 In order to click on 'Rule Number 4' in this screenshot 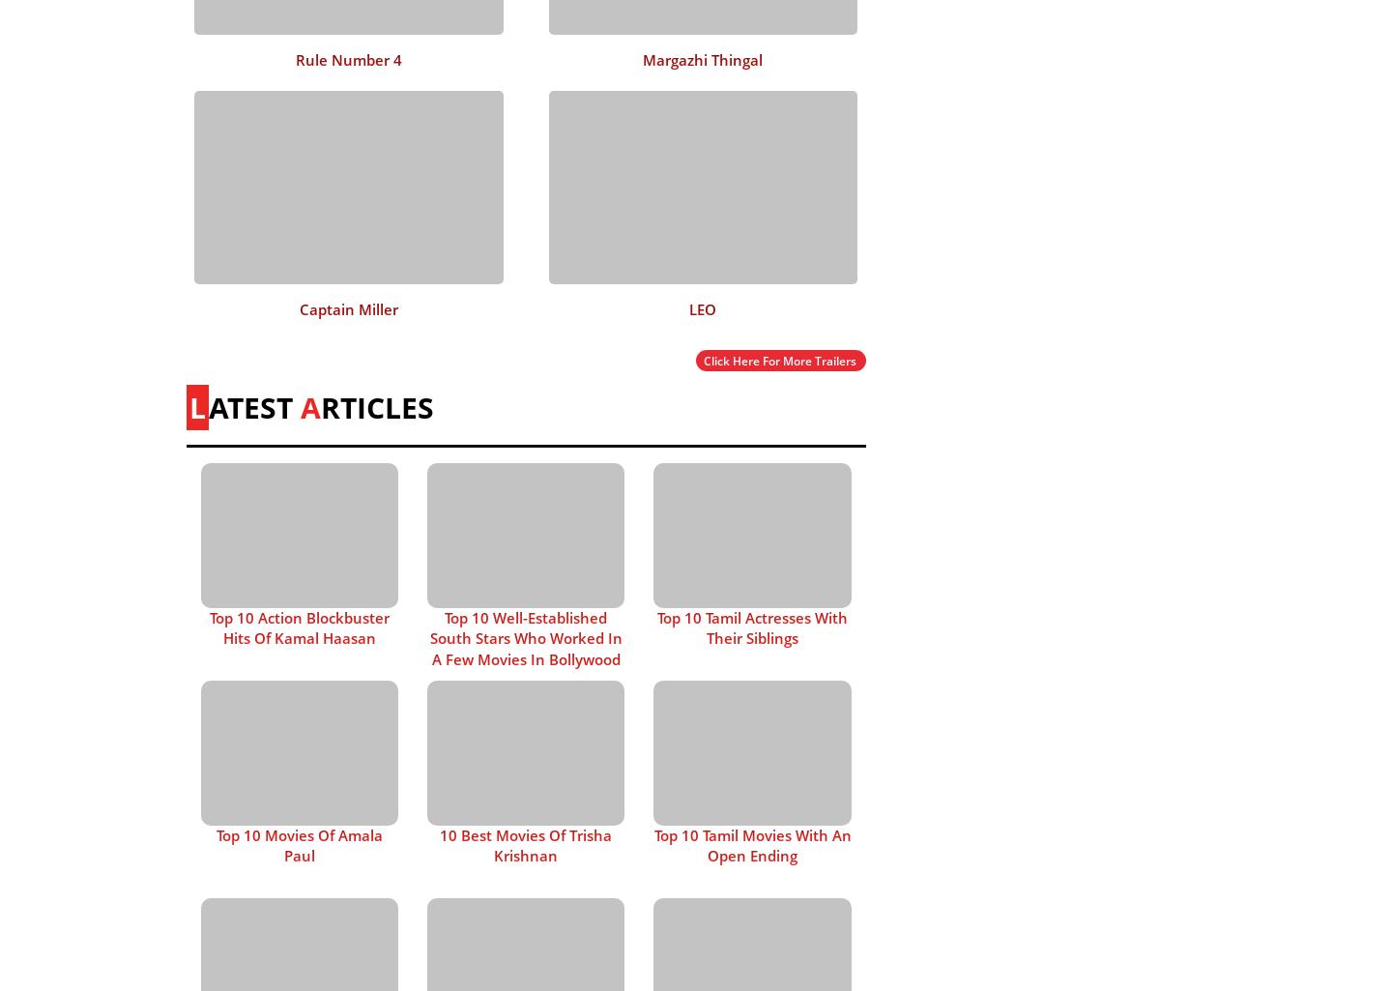, I will do `click(348, 57)`.